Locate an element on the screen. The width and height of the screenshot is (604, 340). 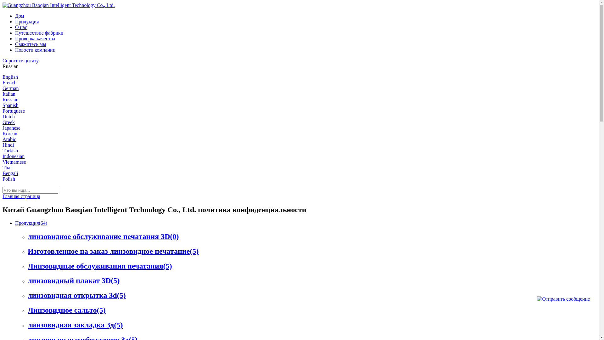
'Hindi' is located at coordinates (8, 145).